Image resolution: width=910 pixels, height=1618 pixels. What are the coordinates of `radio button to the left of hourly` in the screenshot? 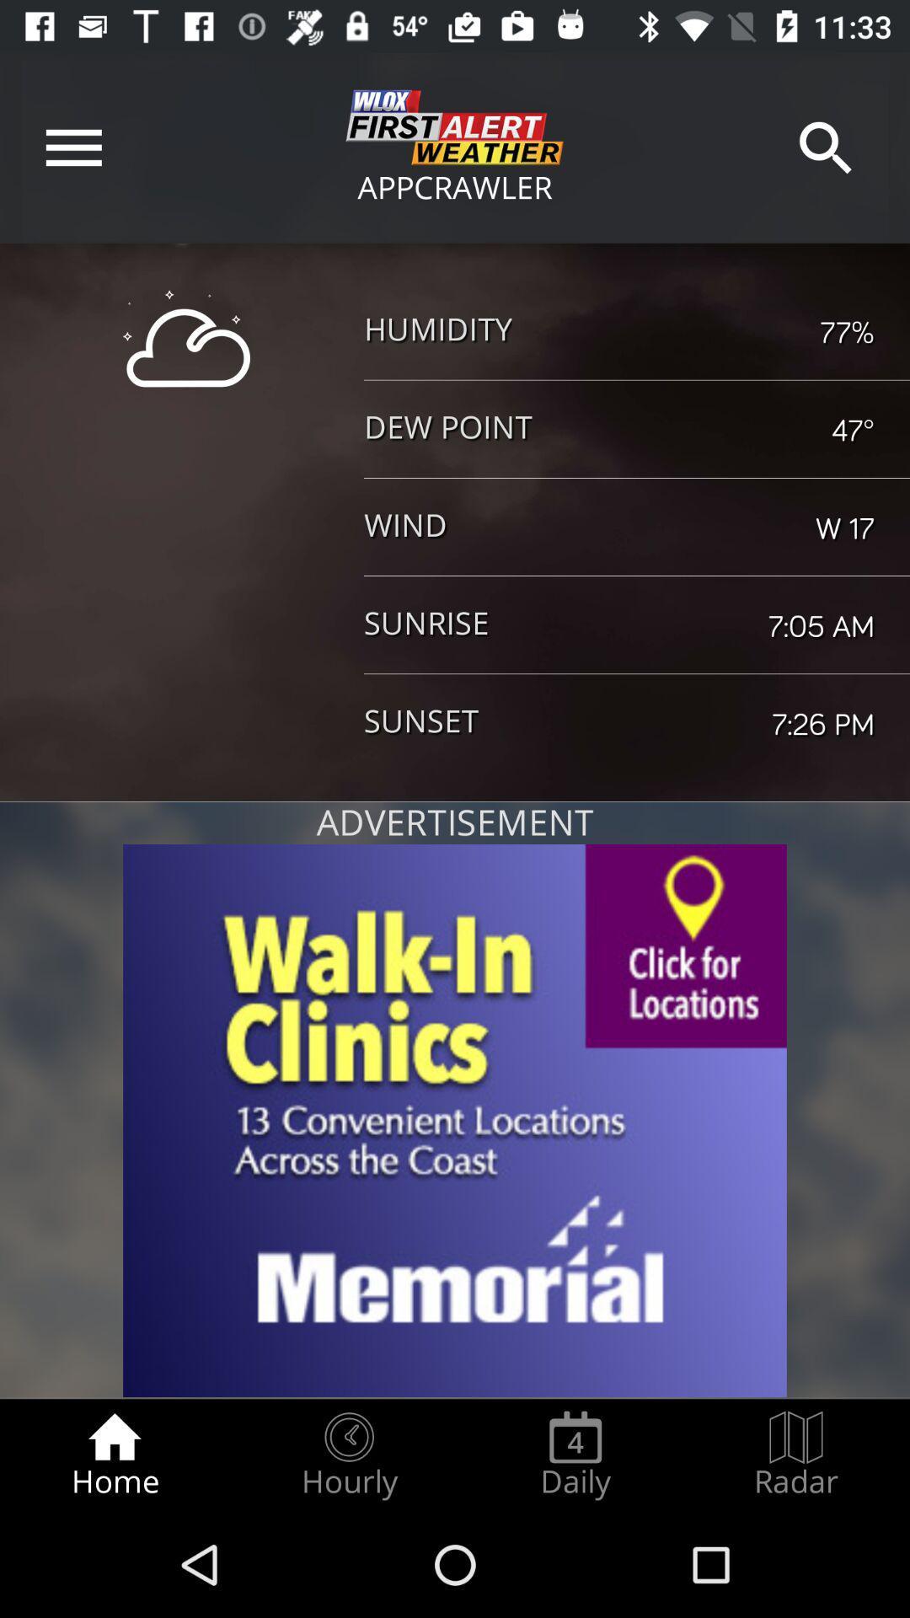 It's located at (114, 1455).